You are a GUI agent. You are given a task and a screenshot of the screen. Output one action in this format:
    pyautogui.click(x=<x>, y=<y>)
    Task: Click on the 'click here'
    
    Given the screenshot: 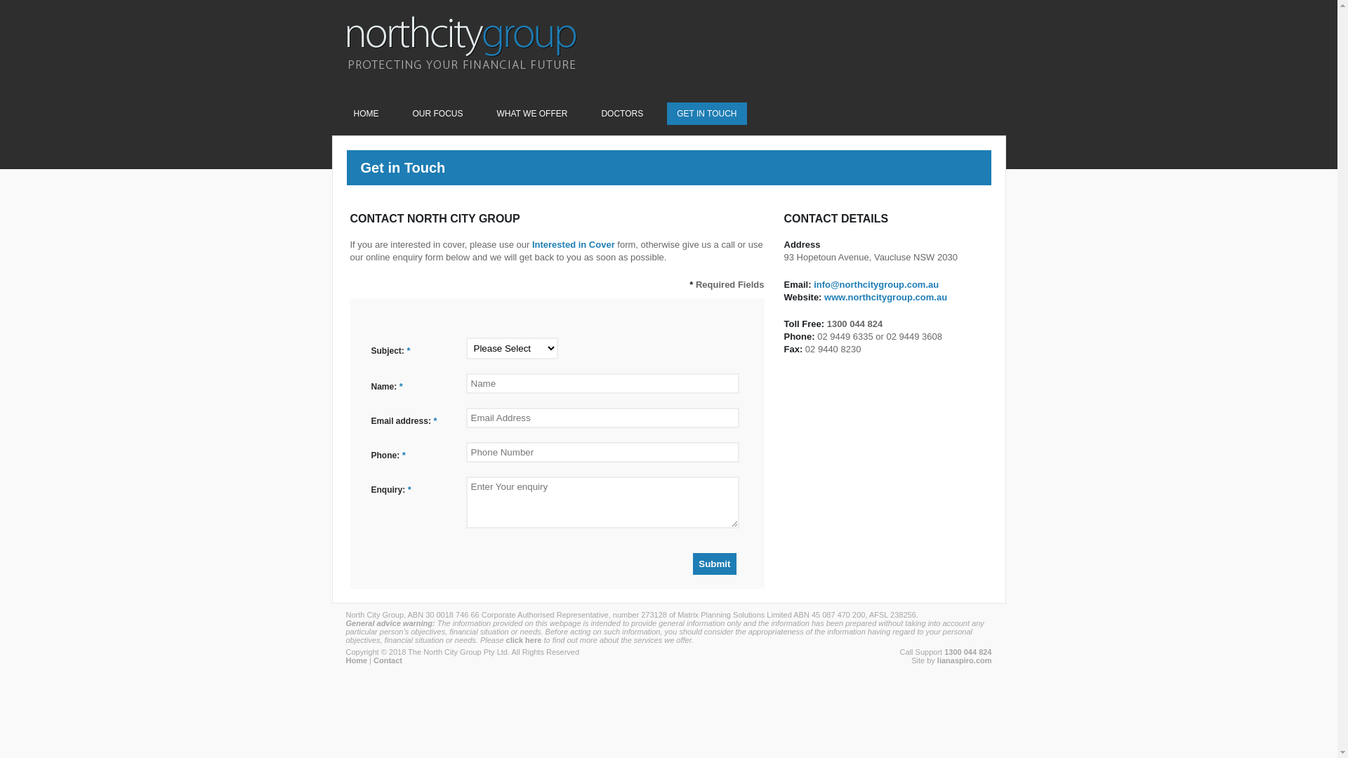 What is the action you would take?
    pyautogui.click(x=523, y=639)
    